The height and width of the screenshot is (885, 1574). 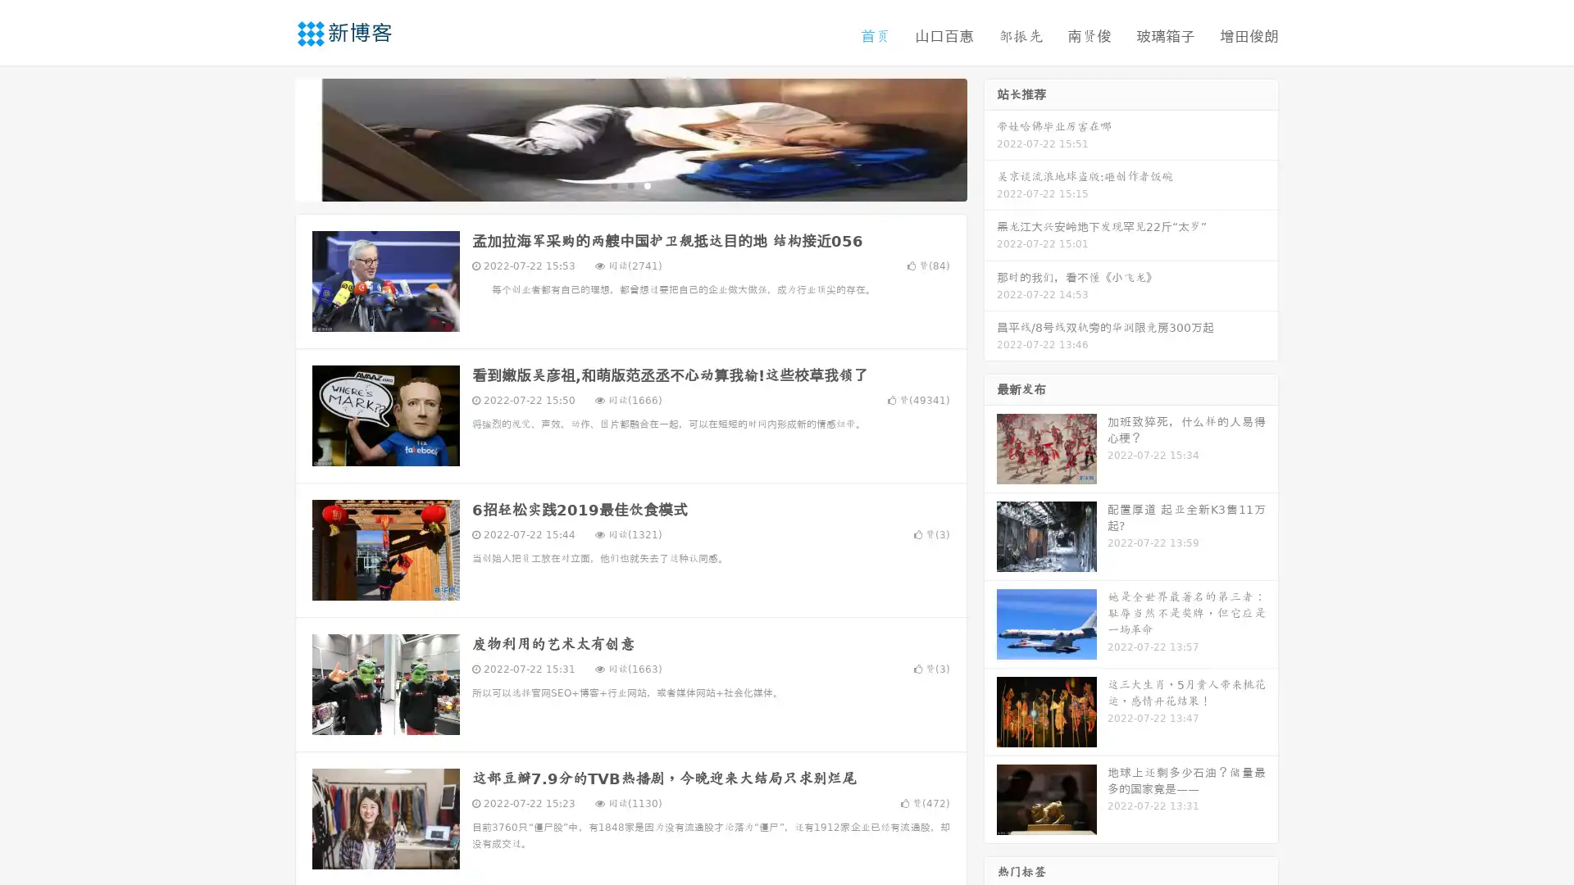 I want to click on Previous slide, so click(x=271, y=138).